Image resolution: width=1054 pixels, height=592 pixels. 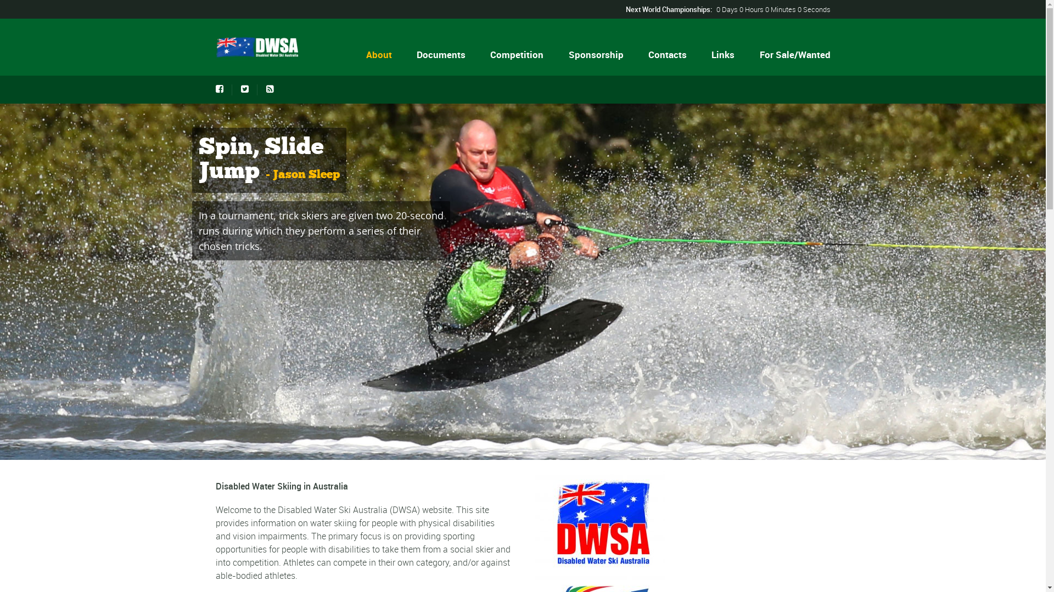 What do you see at coordinates (595, 54) in the screenshot?
I see `'Sponsorship'` at bounding box center [595, 54].